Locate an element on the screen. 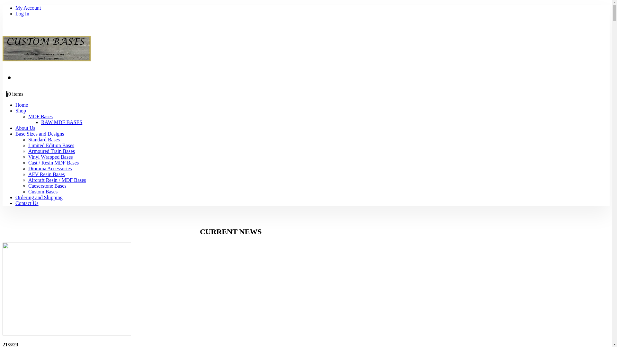  'Limited Edition Bases' is located at coordinates (28, 145).